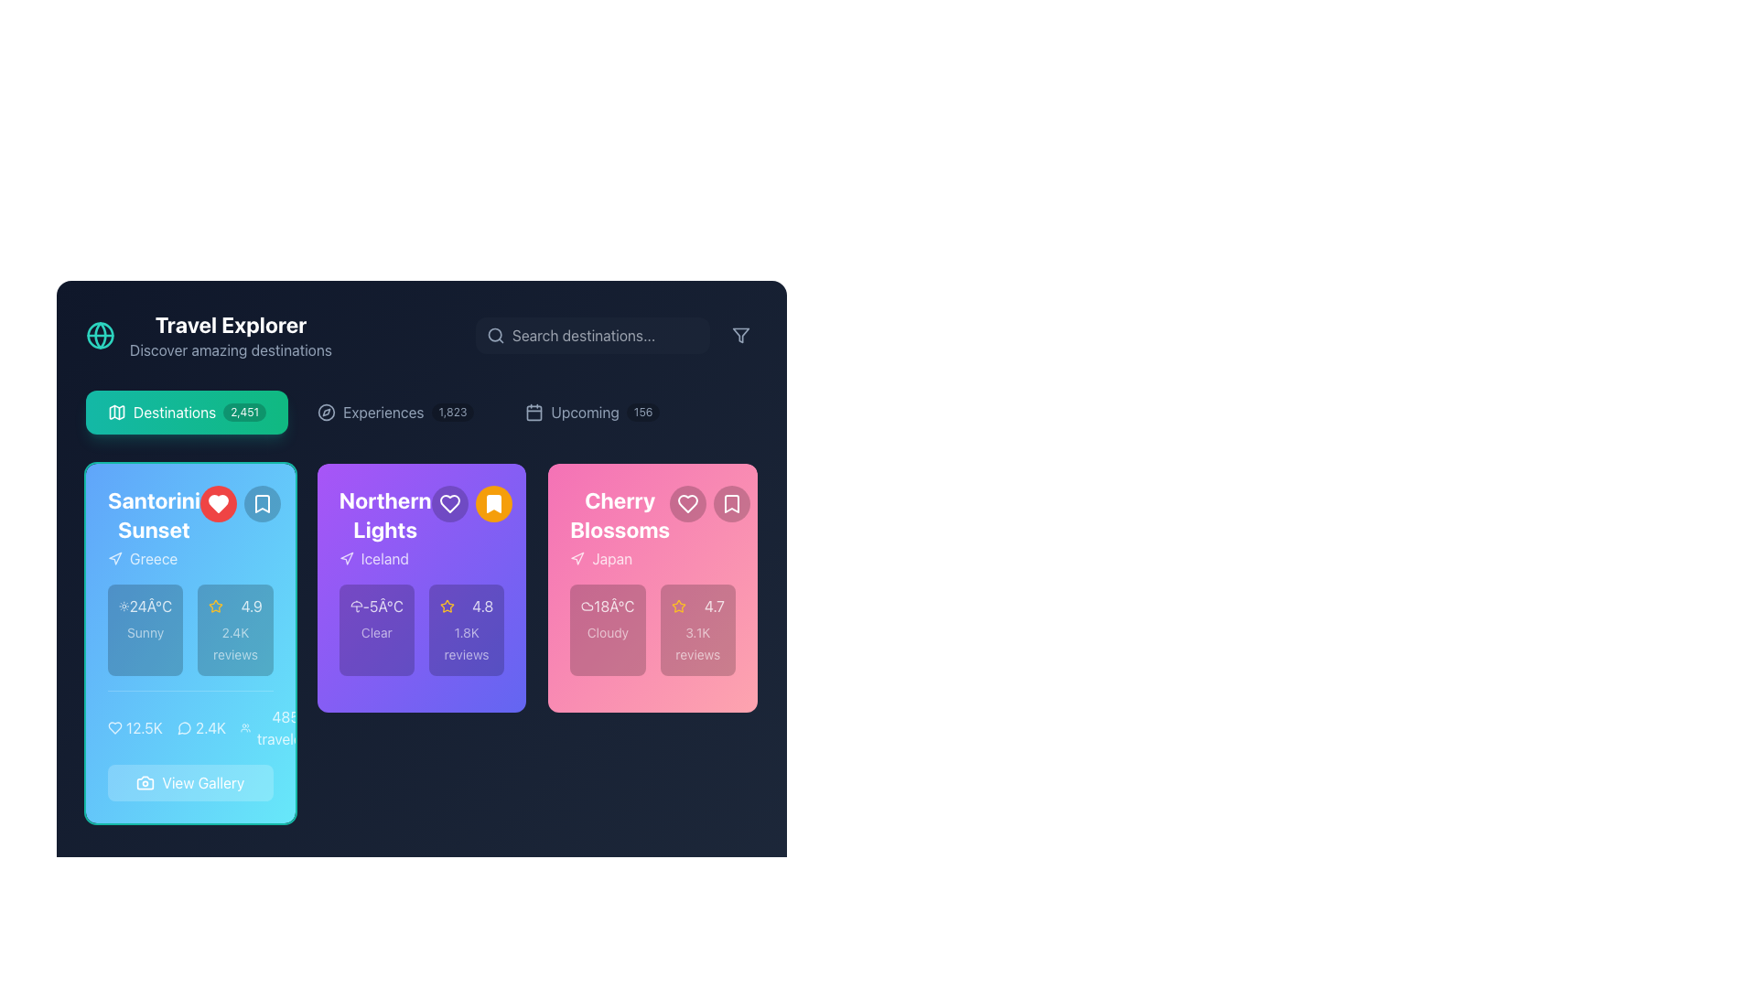 The width and height of the screenshot is (1757, 988). What do you see at coordinates (211, 726) in the screenshot?
I see `the information display for engagement metrics of the 'Santorini Sunset' destination, located in the blue card above the 'View Gallery' button` at bounding box center [211, 726].